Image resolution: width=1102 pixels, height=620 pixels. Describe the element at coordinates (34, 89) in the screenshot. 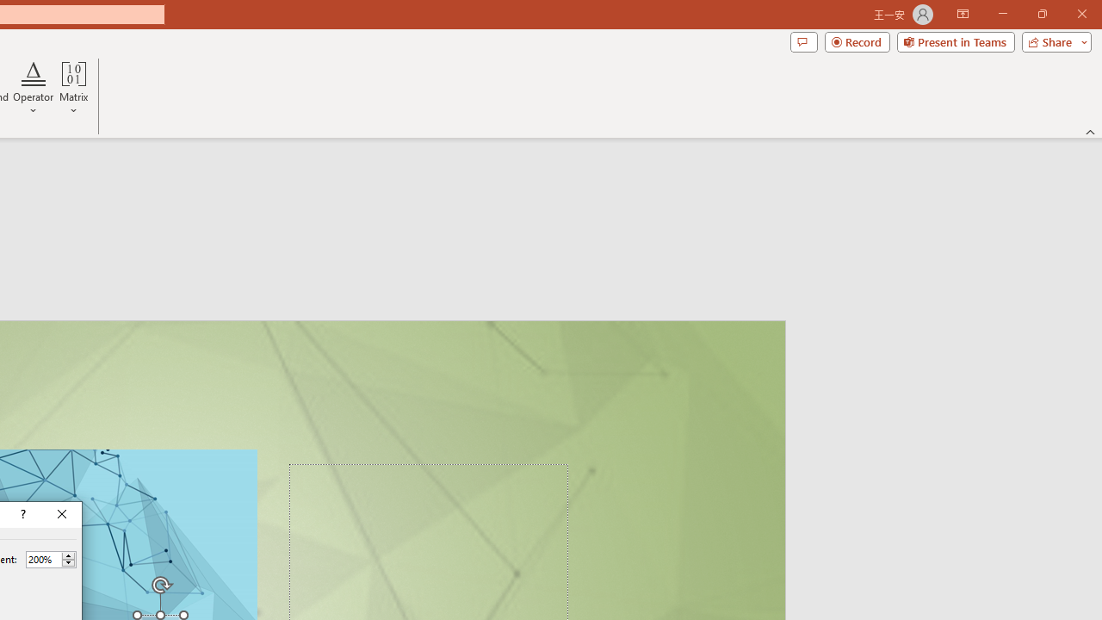

I see `'Operator'` at that location.